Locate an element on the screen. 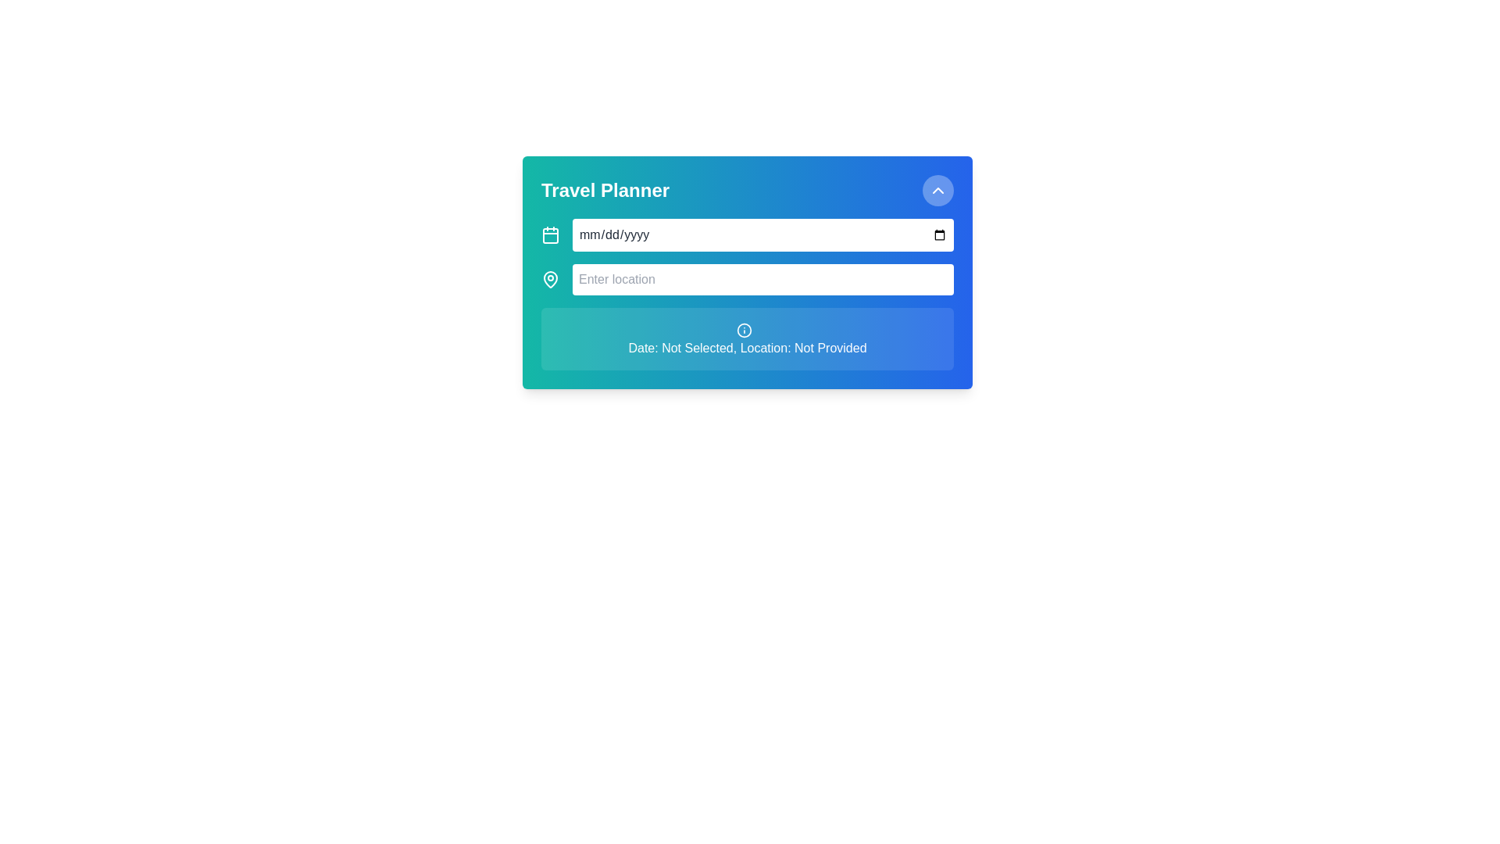 The height and width of the screenshot is (844, 1500). the decorative shape that represents the body of the calendar icon located near the top-left of the Travel Planner interactive window is located at coordinates (551, 235).